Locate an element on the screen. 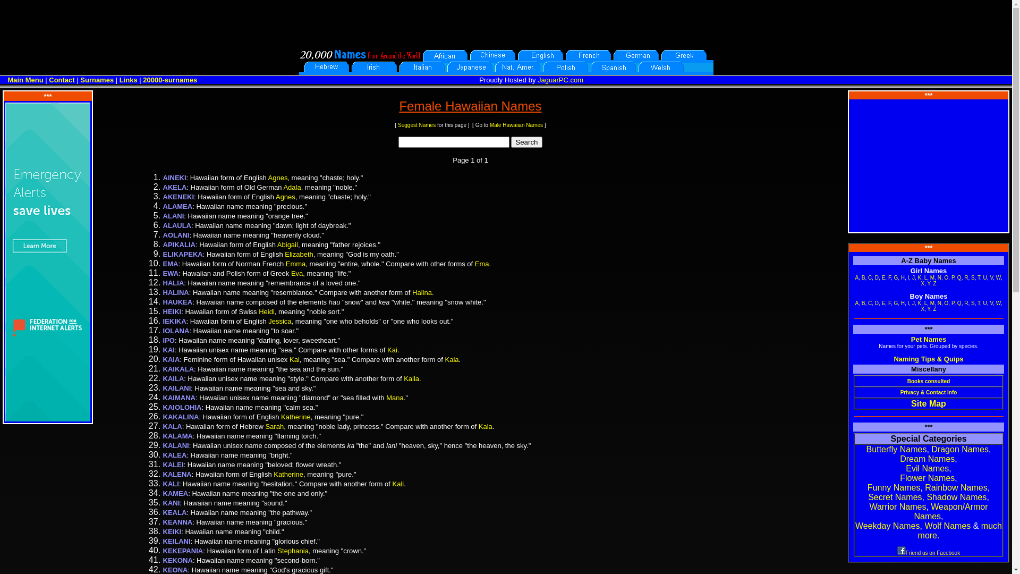 Image resolution: width=1020 pixels, height=574 pixels. 'JaguarPC.com' is located at coordinates (560, 79).